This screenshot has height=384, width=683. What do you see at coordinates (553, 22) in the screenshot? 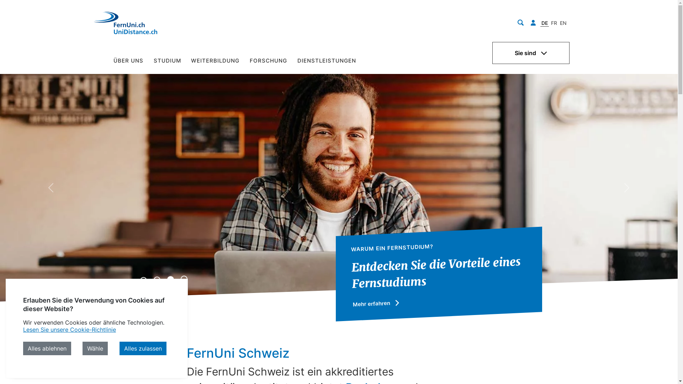
I see `'FR'` at bounding box center [553, 22].